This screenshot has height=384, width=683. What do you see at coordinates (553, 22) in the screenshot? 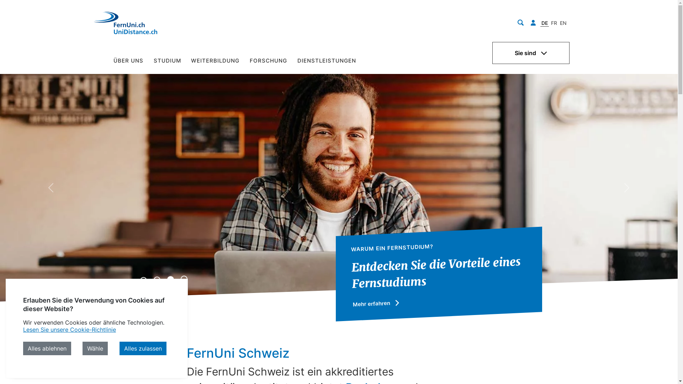
I see `'FR'` at bounding box center [553, 22].